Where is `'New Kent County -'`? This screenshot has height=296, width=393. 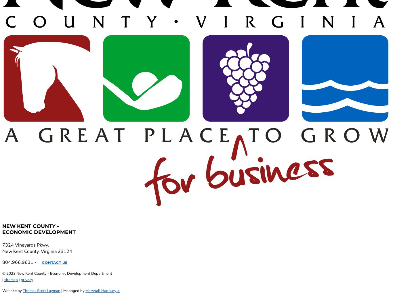
'New Kent County -' is located at coordinates (30, 226).